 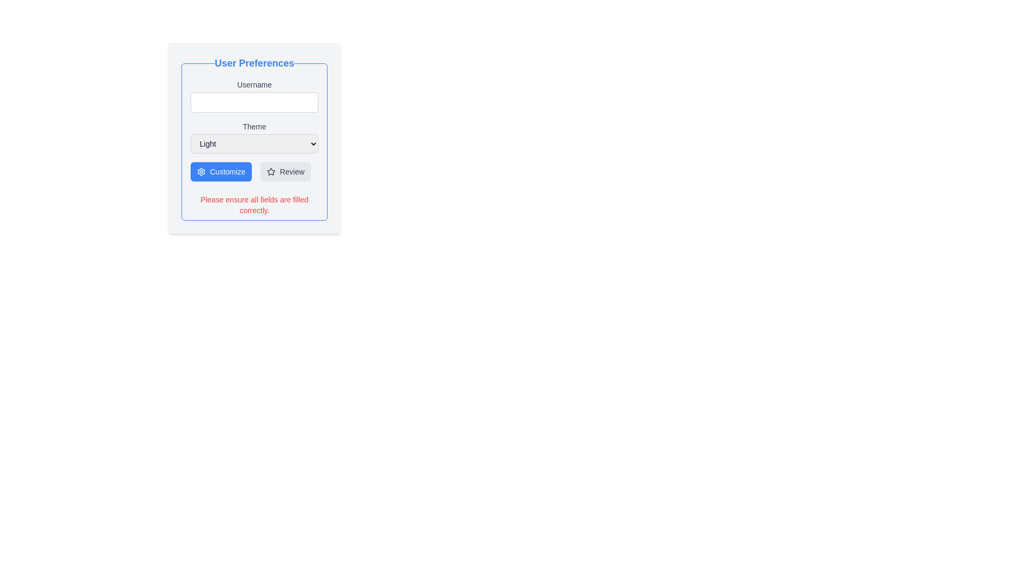 I want to click on an option from the 'Theme' dropdown menu, which is currently set to 'Light' and is located below the 'Username' field in the 'User Preferences' section, so click(x=254, y=136).